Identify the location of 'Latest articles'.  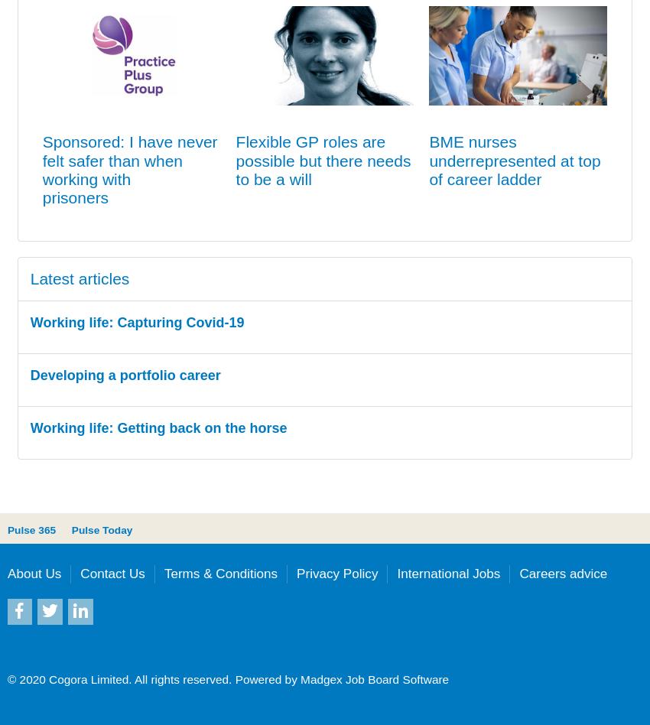
(79, 277).